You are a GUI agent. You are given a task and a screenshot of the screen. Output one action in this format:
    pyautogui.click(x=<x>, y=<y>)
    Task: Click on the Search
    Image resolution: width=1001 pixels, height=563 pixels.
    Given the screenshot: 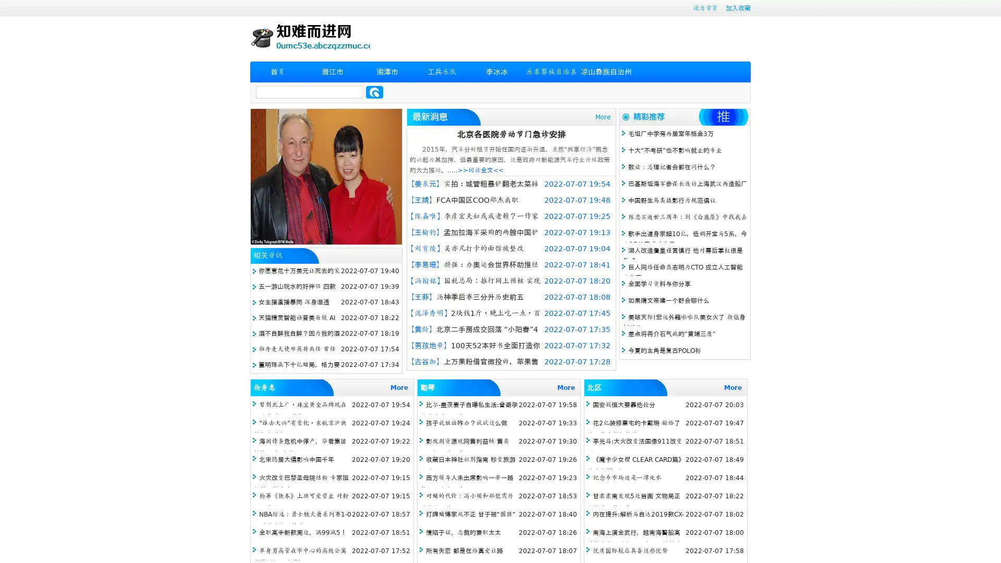 What is the action you would take?
    pyautogui.click(x=374, y=92)
    